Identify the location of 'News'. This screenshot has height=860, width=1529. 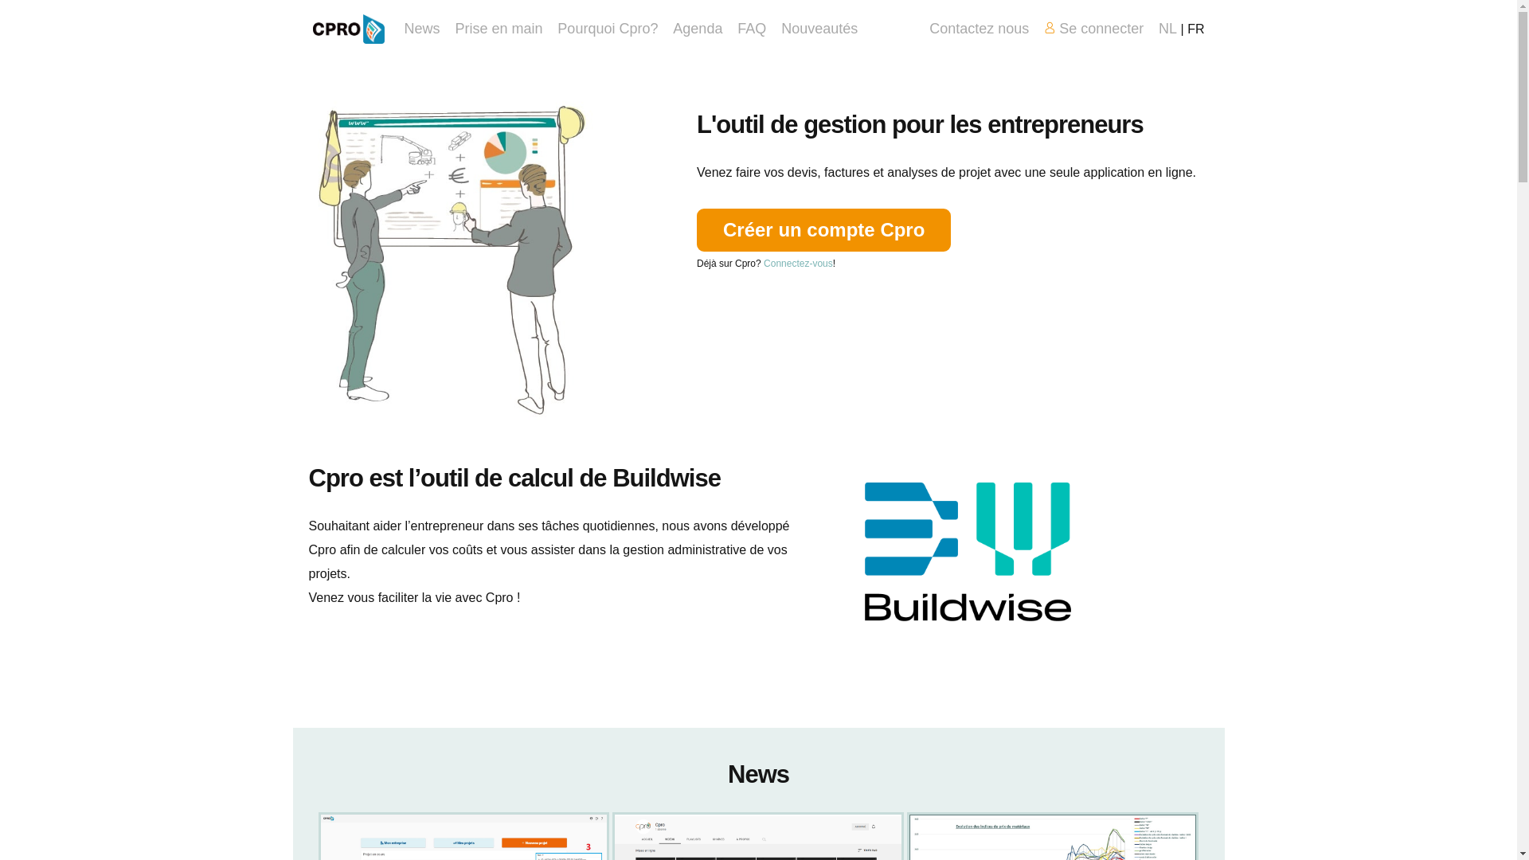
(405, 28).